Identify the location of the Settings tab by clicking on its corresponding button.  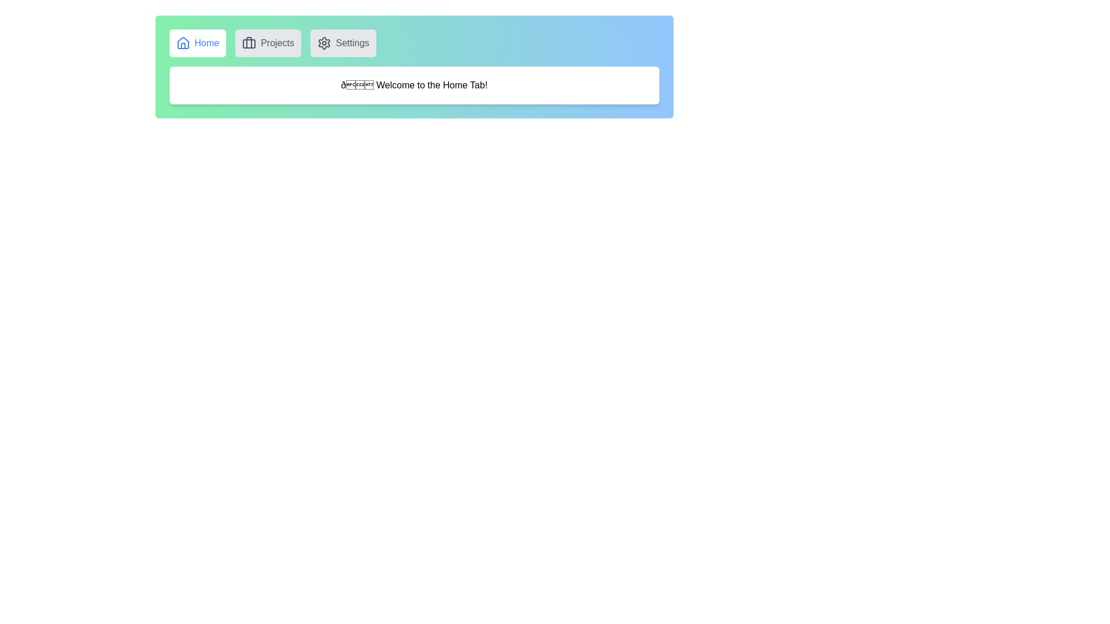
(342, 42).